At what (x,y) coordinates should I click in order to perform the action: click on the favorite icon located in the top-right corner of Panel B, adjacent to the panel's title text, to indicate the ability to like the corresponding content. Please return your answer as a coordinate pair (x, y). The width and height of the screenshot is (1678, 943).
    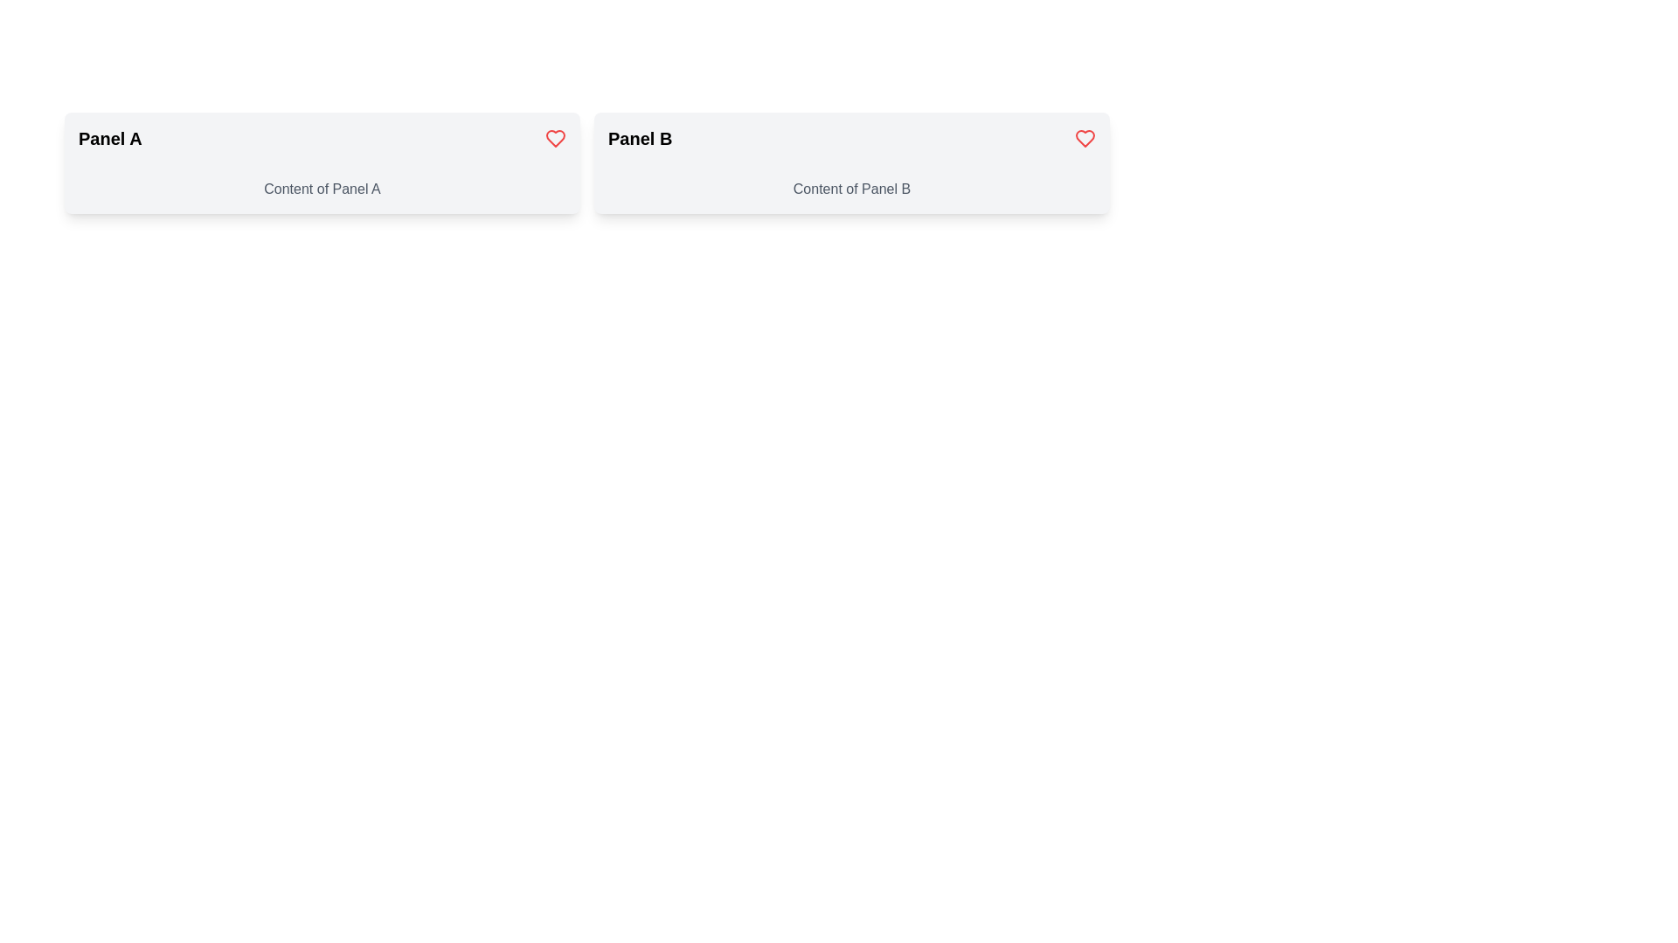
    Looking at the image, I should click on (1085, 137).